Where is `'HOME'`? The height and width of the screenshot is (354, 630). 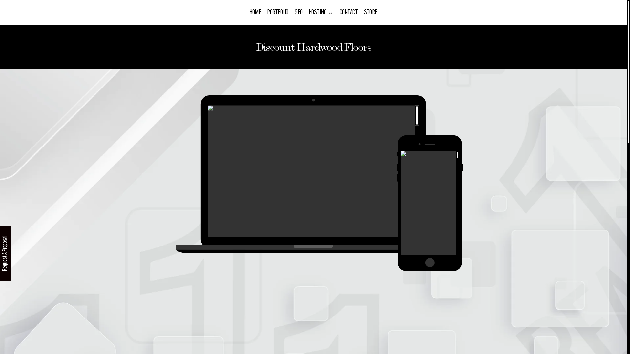 'HOME' is located at coordinates (255, 12).